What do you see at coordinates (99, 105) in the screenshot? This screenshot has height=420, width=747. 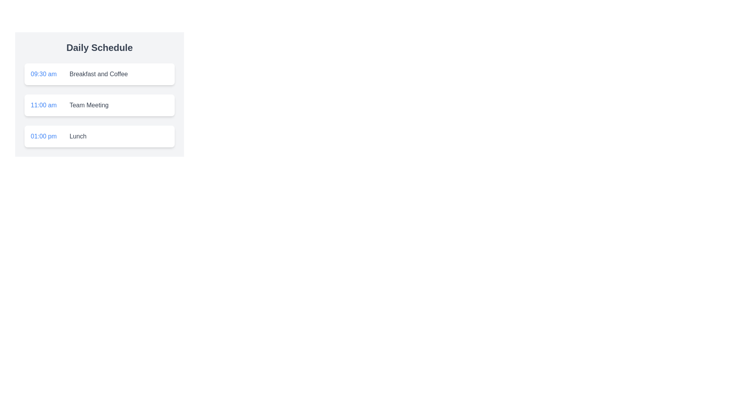 I see `the 'Team Meeting' Schedule card located in the daily timeline, positioned between '09:30 am Breakfast and Coffee' and '01:00 pm Lunch'` at bounding box center [99, 105].